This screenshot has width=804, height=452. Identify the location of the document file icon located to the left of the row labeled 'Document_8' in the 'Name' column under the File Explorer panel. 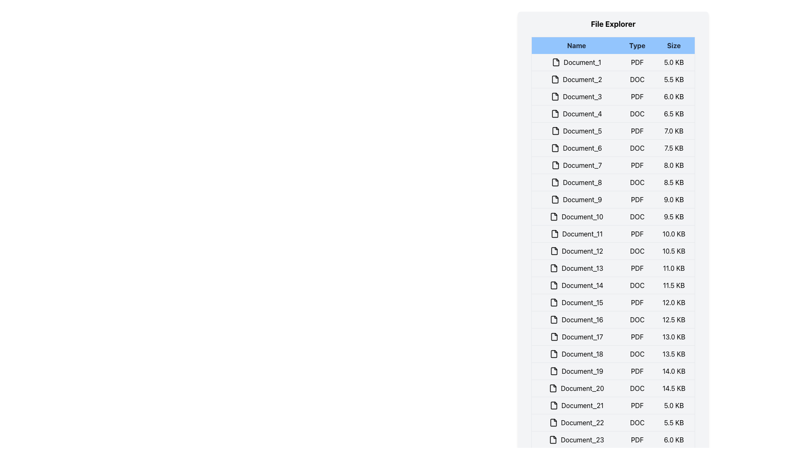
(555, 182).